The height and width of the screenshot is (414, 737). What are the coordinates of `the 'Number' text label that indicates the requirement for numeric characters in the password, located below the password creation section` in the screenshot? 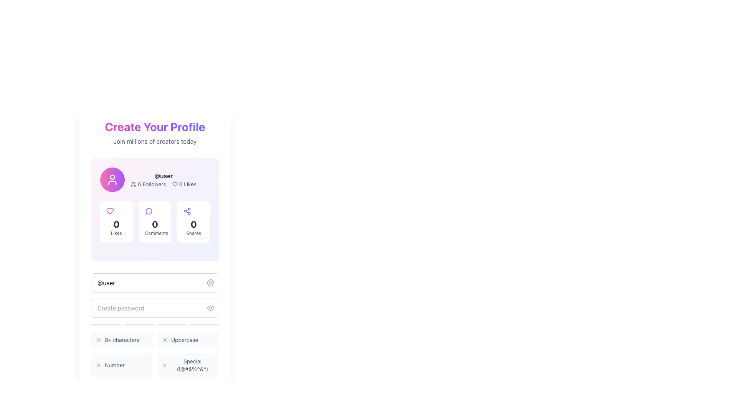 It's located at (114, 365).